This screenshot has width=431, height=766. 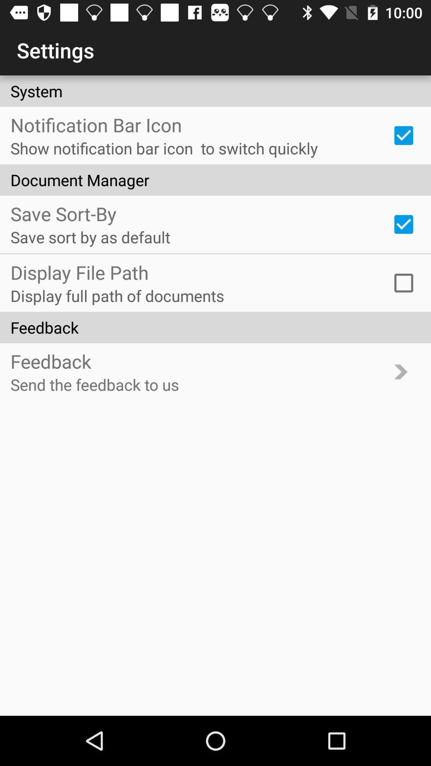 What do you see at coordinates (403, 283) in the screenshot?
I see `icon next to display full path` at bounding box center [403, 283].